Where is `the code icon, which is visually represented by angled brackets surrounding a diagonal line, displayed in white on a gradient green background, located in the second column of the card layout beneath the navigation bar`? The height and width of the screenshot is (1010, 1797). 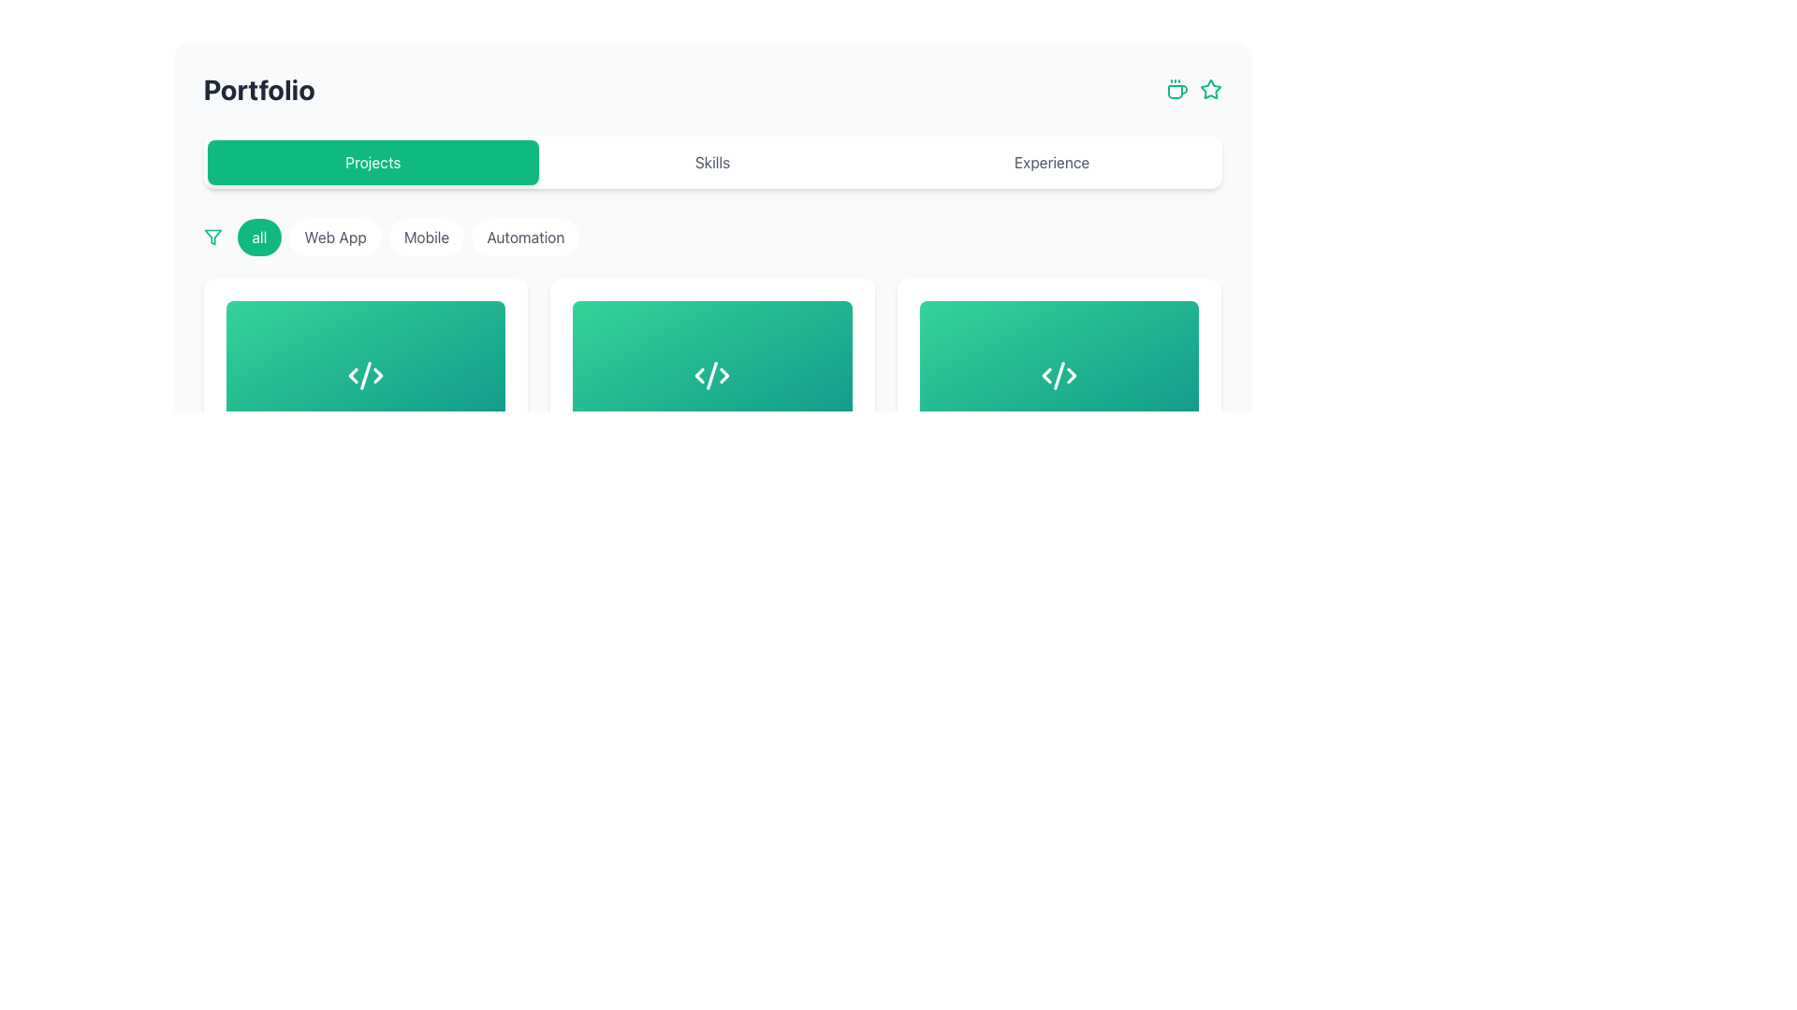
the code icon, which is visually represented by angled brackets surrounding a diagonal line, displayed in white on a gradient green background, located in the second column of the card layout beneath the navigation bar is located at coordinates (711, 375).